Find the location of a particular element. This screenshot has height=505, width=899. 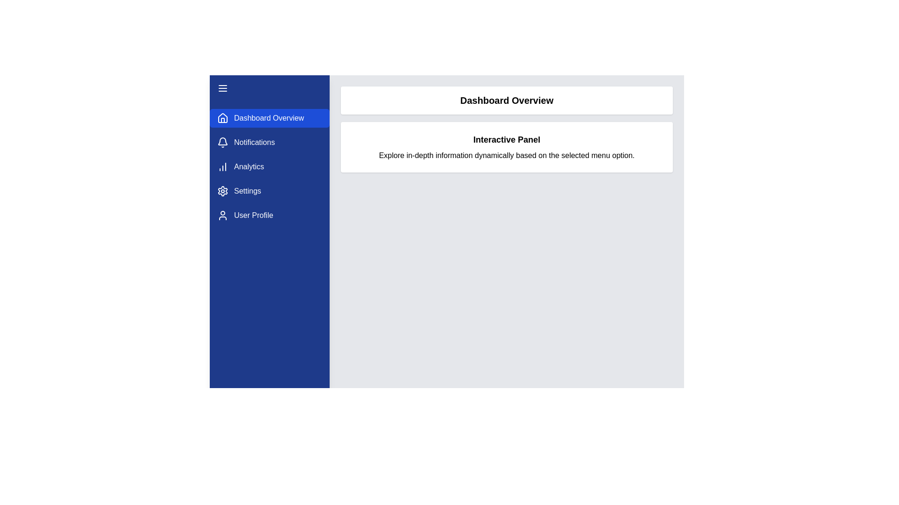

displayed text on the 'Interactive Panel' which contains the title 'Interactive Panel' and the descriptor message 'Explore in-depth information dynamically based on the selected menu option.' is located at coordinates (506, 147).